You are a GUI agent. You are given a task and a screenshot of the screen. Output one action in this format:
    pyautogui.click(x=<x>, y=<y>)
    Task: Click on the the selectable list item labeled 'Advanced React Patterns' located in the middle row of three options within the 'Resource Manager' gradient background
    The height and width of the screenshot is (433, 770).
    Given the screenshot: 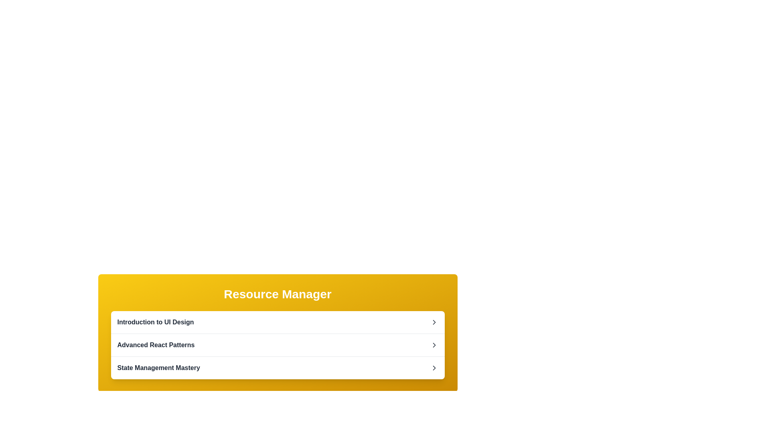 What is the action you would take?
    pyautogui.click(x=278, y=344)
    